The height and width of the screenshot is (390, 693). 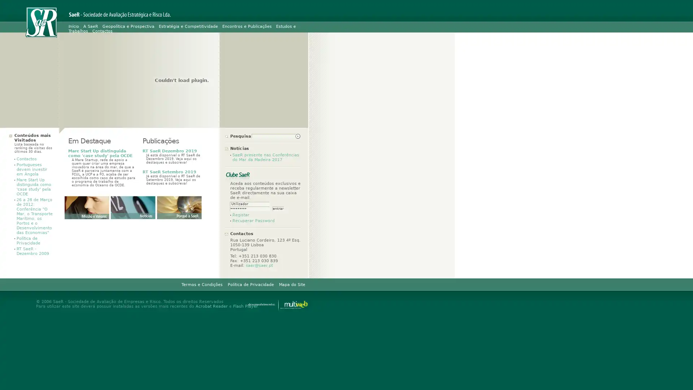 I want to click on entrar, so click(x=278, y=209).